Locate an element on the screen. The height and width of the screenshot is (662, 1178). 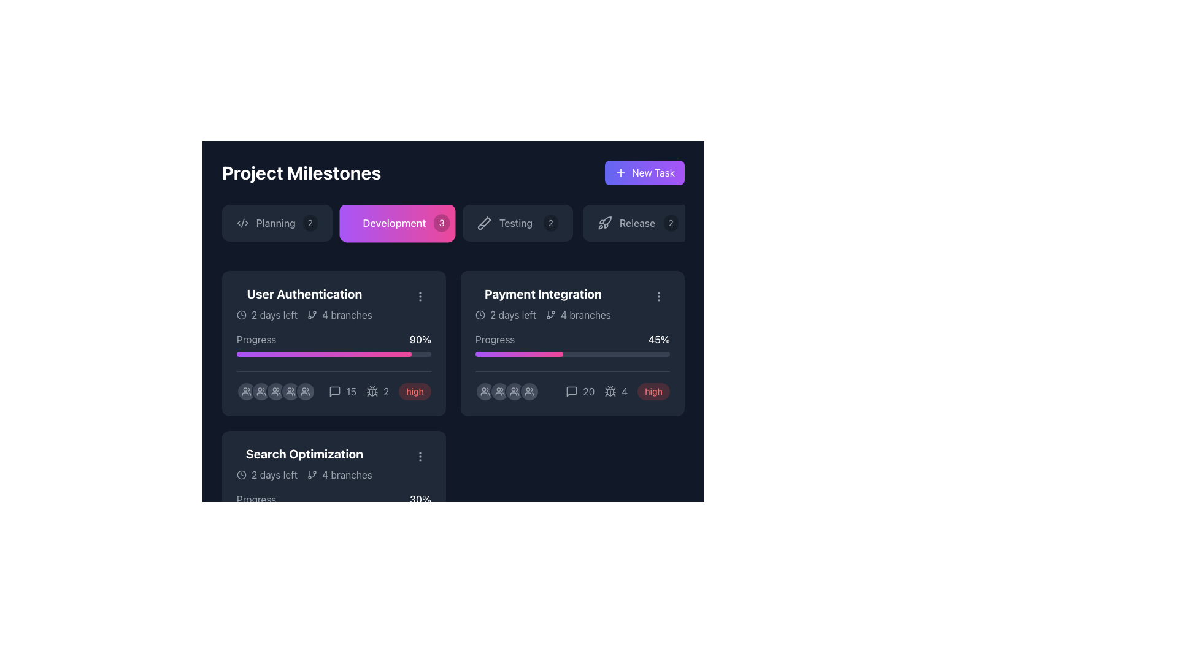
the badge displaying the count of items associated with 'Release', located to the far right within the 'Release' task box, adjacent to the text 'Release' is located at coordinates (670, 223).